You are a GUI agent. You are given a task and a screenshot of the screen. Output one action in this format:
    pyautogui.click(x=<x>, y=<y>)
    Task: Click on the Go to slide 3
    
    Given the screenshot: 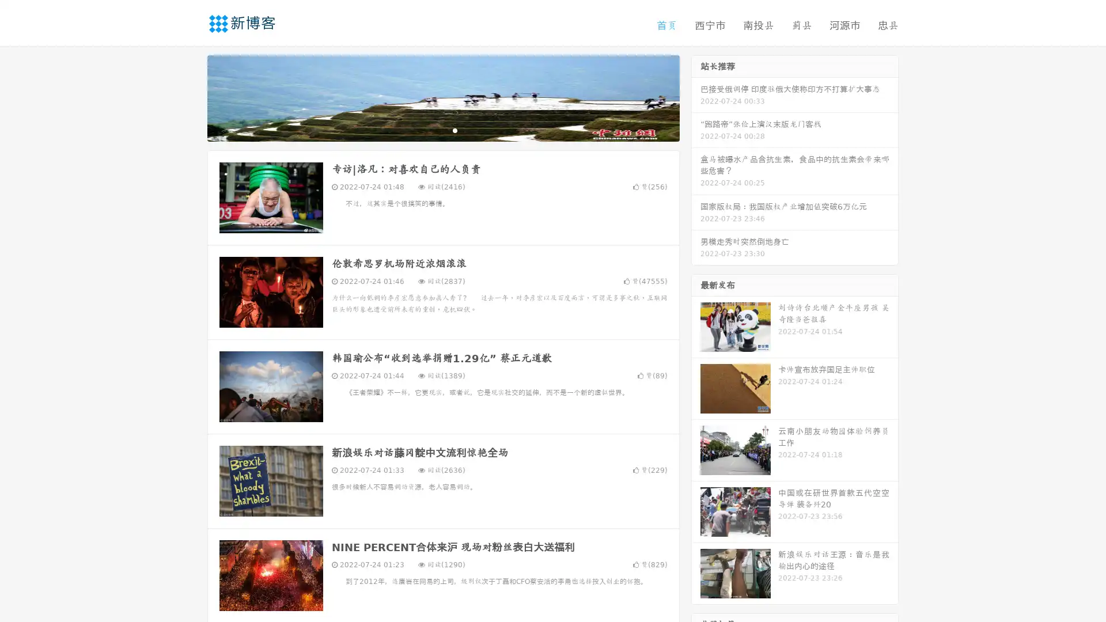 What is the action you would take?
    pyautogui.click(x=454, y=130)
    